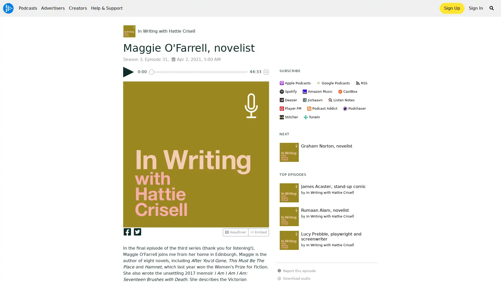 This screenshot has width=501, height=282. Describe the element at coordinates (491, 8) in the screenshot. I see `Open search form` at that location.